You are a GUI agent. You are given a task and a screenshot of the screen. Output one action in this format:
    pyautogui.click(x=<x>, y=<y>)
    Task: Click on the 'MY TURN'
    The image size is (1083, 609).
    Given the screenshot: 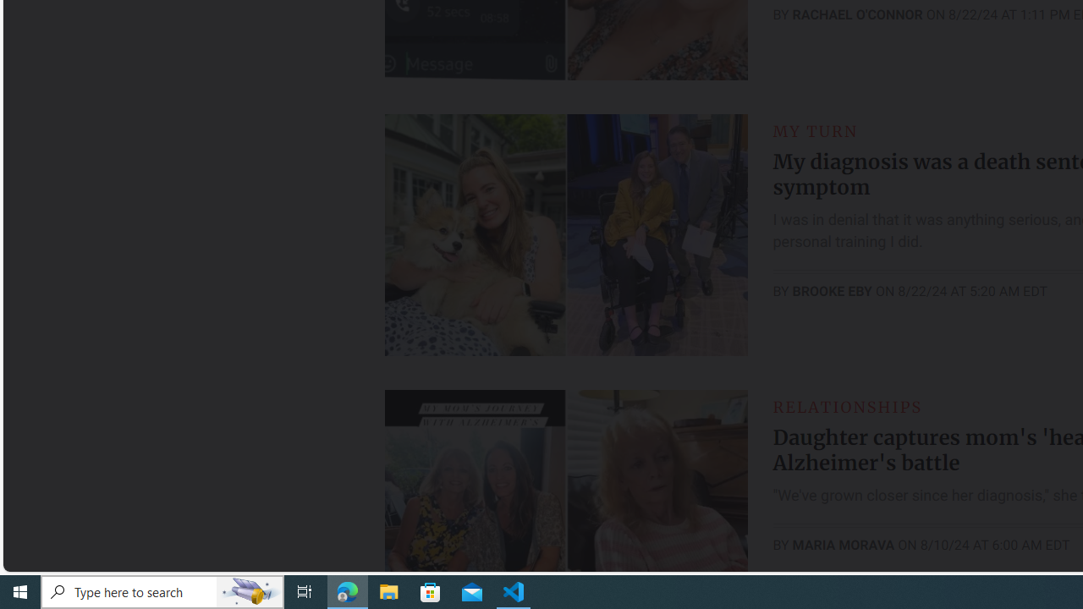 What is the action you would take?
    pyautogui.click(x=815, y=130)
    